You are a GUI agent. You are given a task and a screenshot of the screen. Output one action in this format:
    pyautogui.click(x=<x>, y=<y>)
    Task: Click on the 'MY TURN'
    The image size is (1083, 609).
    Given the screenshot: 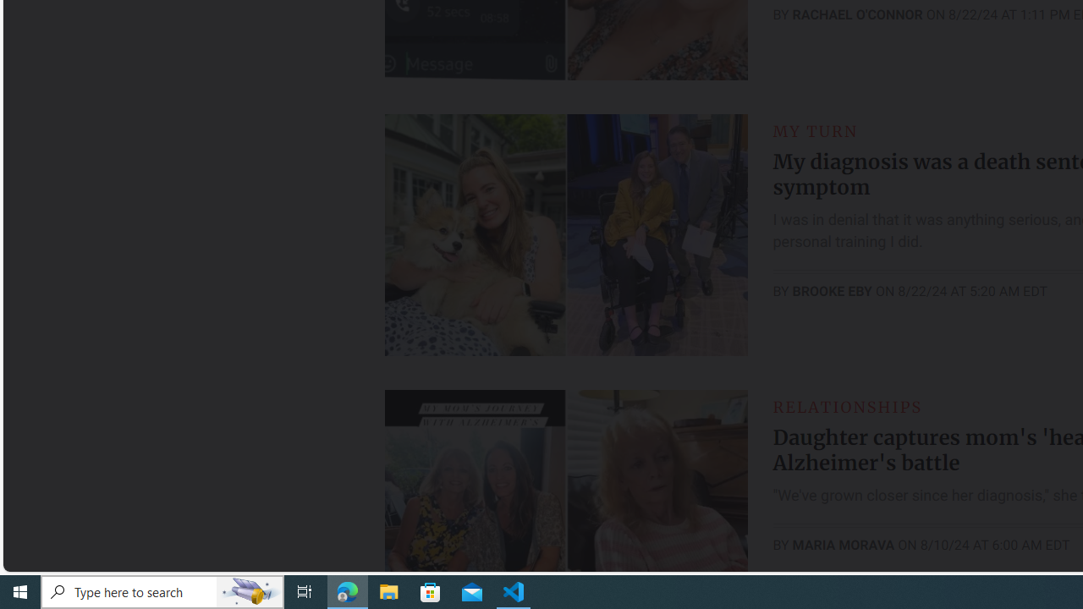 What is the action you would take?
    pyautogui.click(x=815, y=130)
    